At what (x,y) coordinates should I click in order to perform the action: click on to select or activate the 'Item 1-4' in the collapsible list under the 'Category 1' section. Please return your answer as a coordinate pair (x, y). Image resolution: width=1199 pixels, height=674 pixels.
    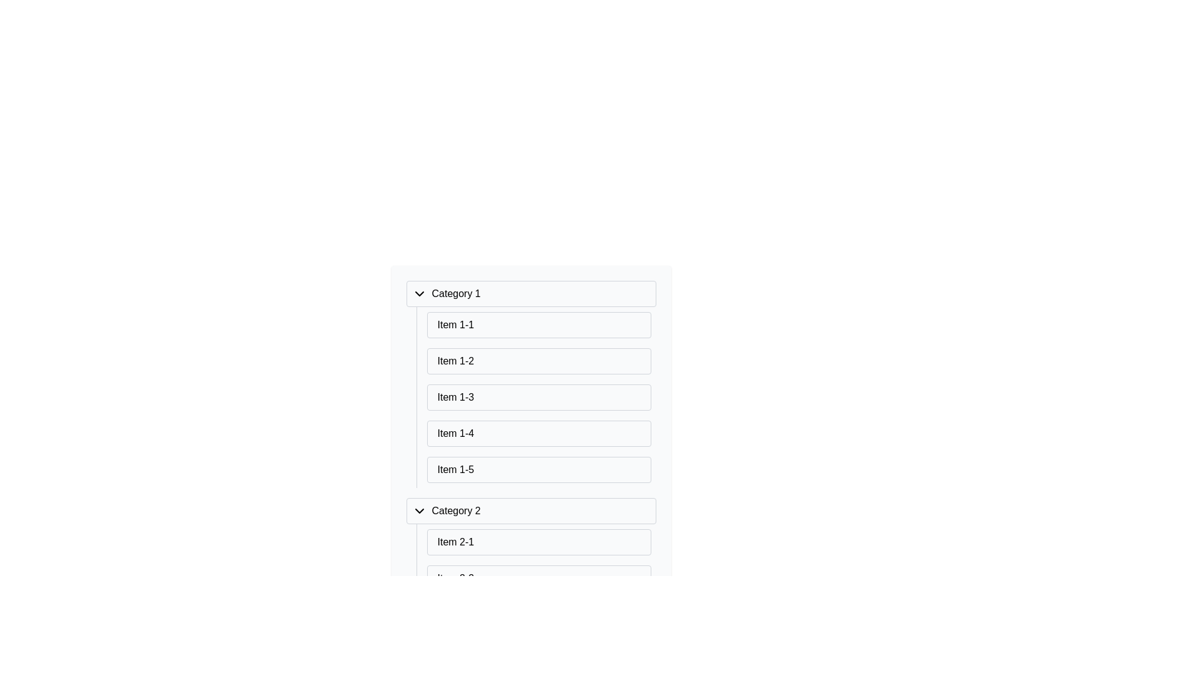
    Looking at the image, I should click on (539, 432).